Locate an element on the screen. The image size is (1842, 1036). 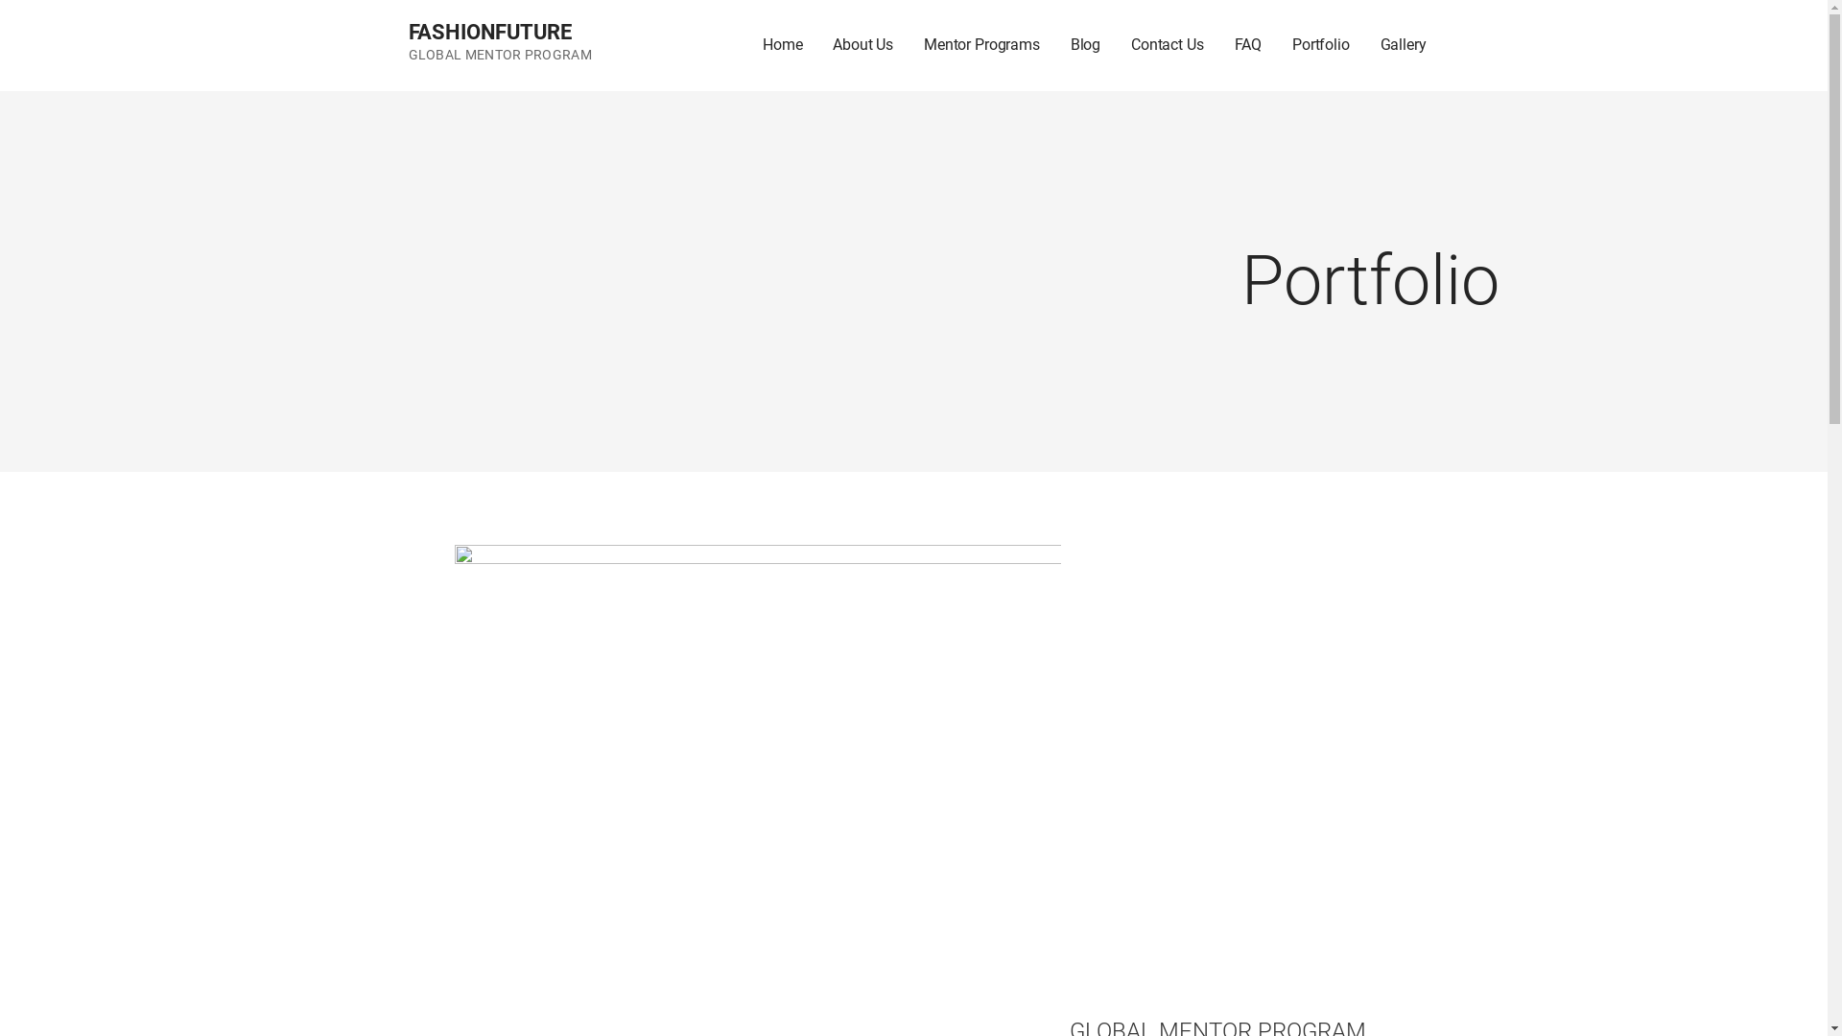
'Skip to content' is located at coordinates (0, 0).